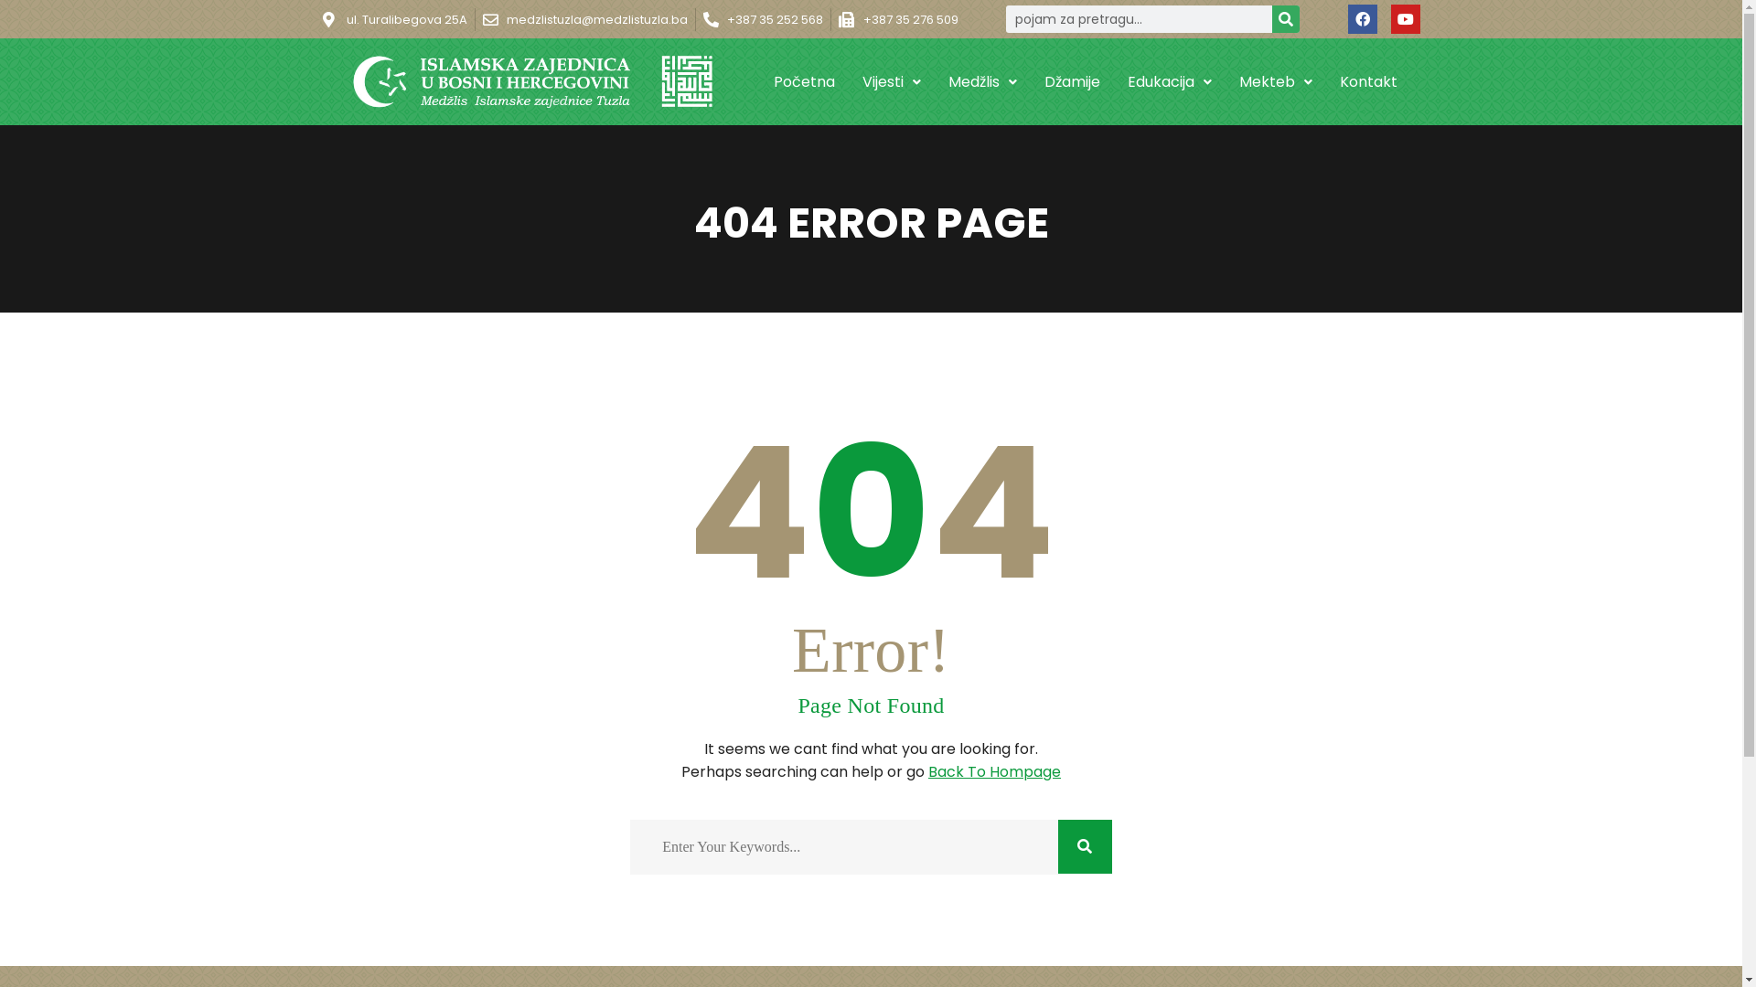  Describe the element at coordinates (1113, 80) in the screenshot. I see `'Edukacija'` at that location.